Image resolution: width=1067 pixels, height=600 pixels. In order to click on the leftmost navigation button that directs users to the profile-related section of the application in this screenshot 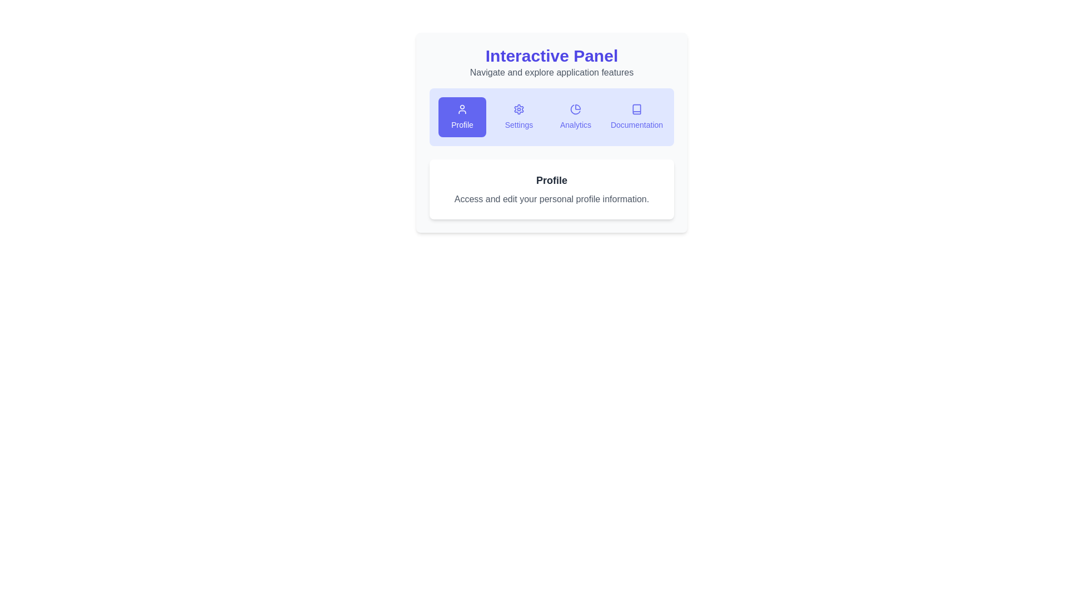, I will do `click(462, 117)`.